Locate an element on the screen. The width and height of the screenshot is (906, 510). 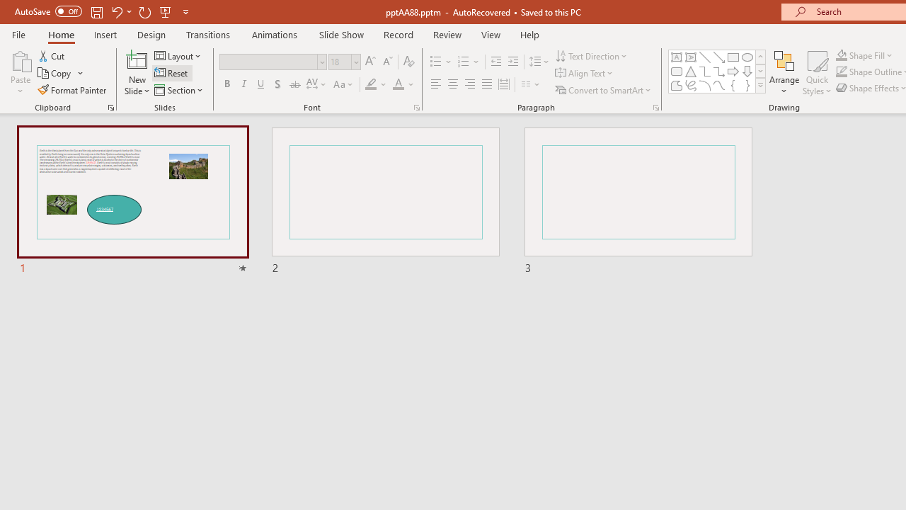
'Shape Outline Teal, Accent 1' is located at coordinates (842, 72).